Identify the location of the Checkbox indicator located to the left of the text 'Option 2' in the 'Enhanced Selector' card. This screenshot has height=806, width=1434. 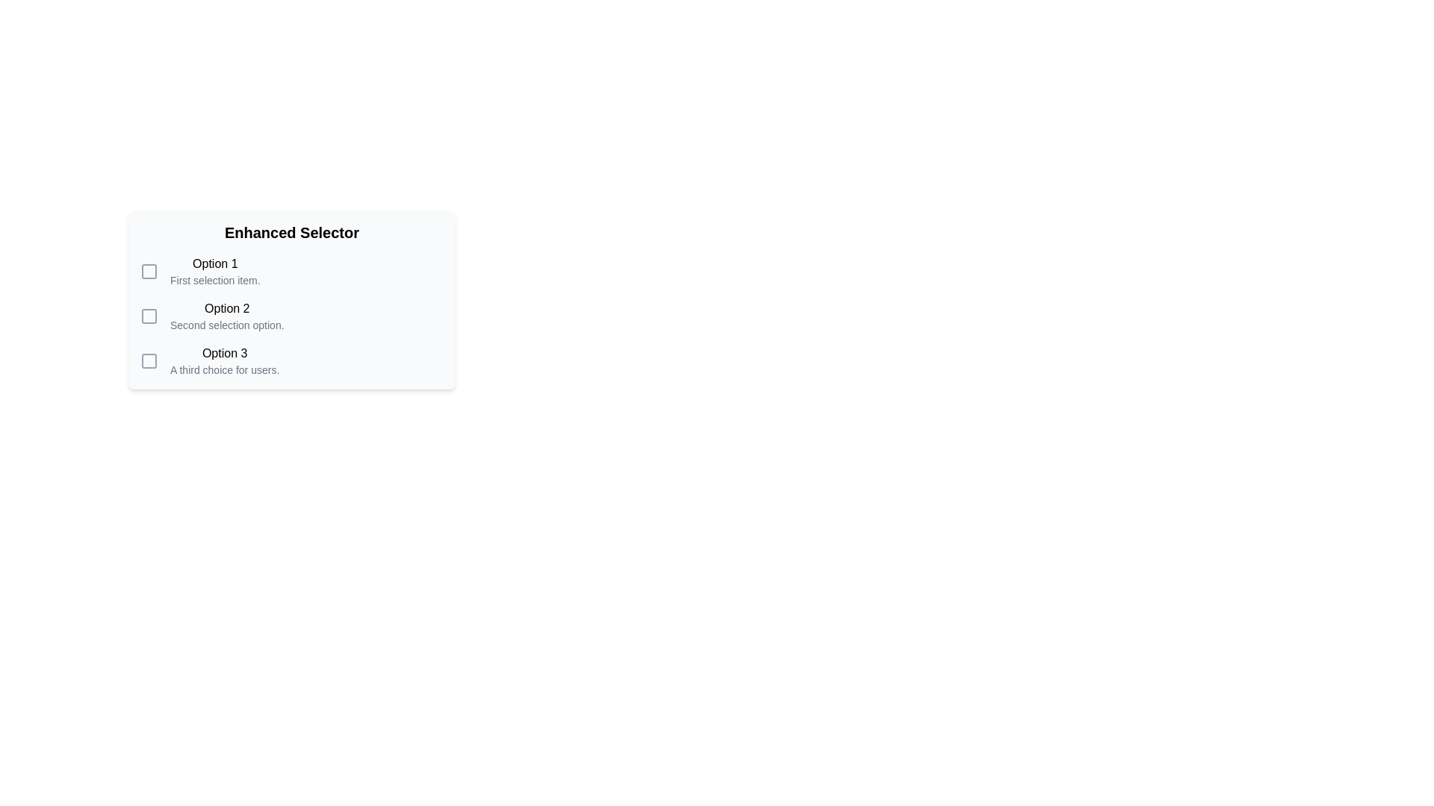
(149, 316).